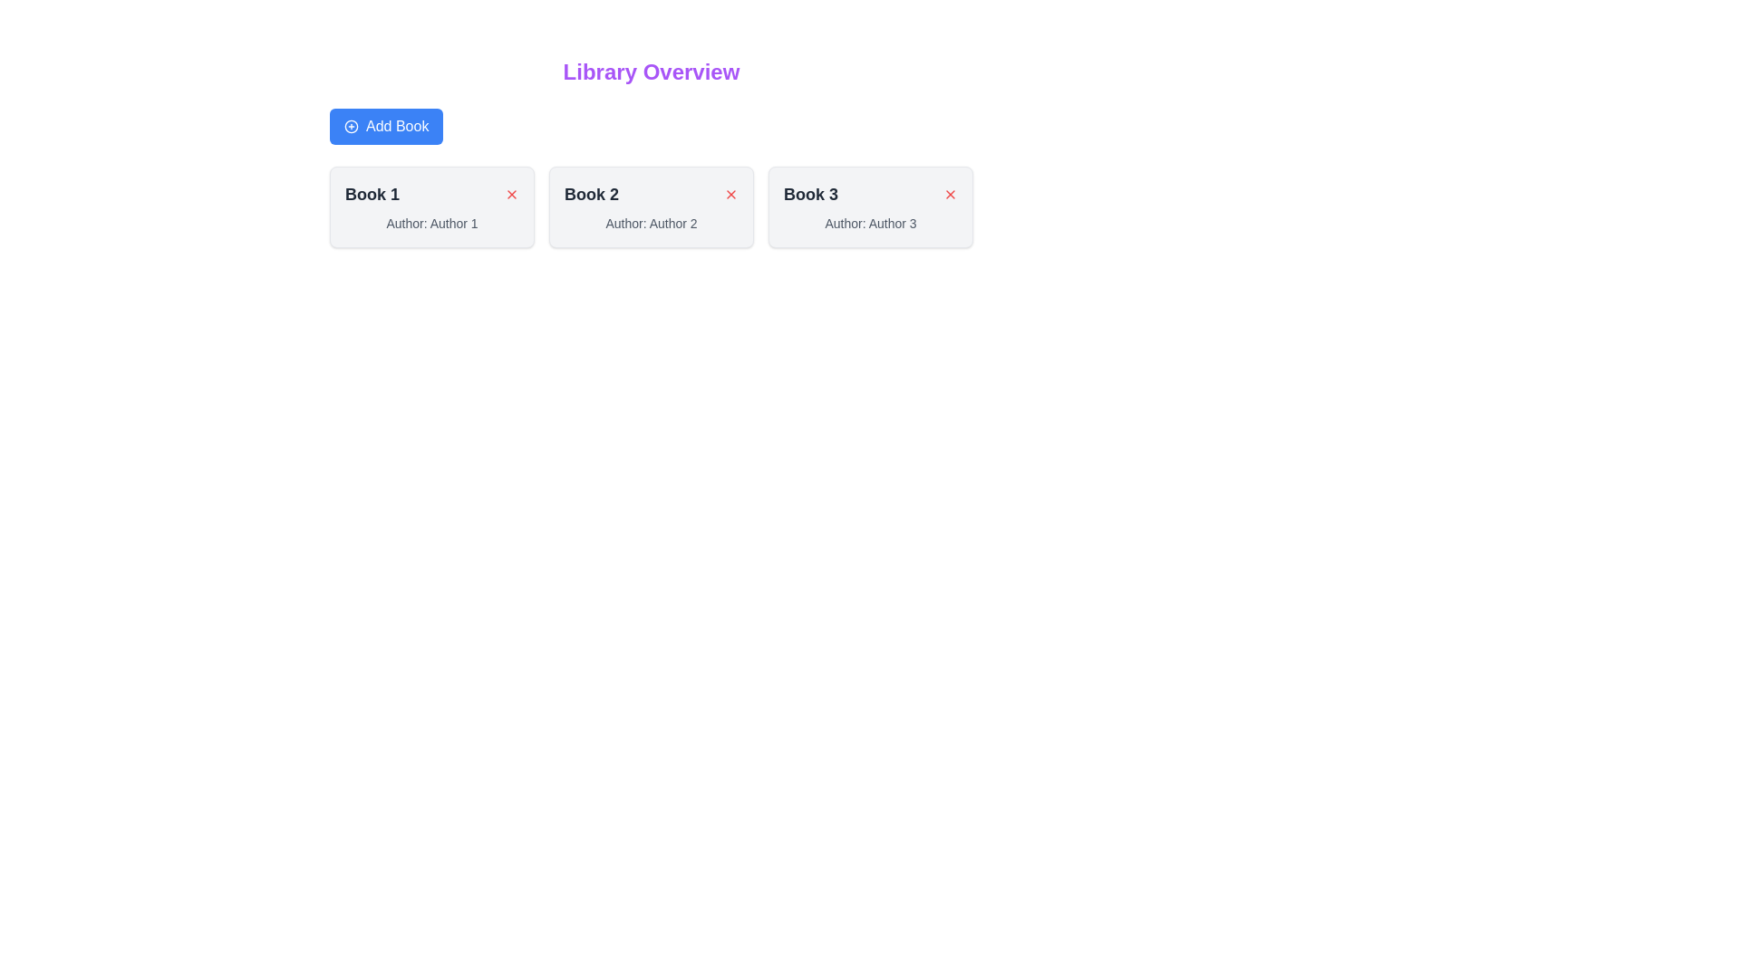 This screenshot has height=978, width=1740. I want to click on the icon within the 'Add Book' button, which indicates the ability to add a new book and is located in the blue rectangular area near the top-left corner of the interface, so click(352, 125).